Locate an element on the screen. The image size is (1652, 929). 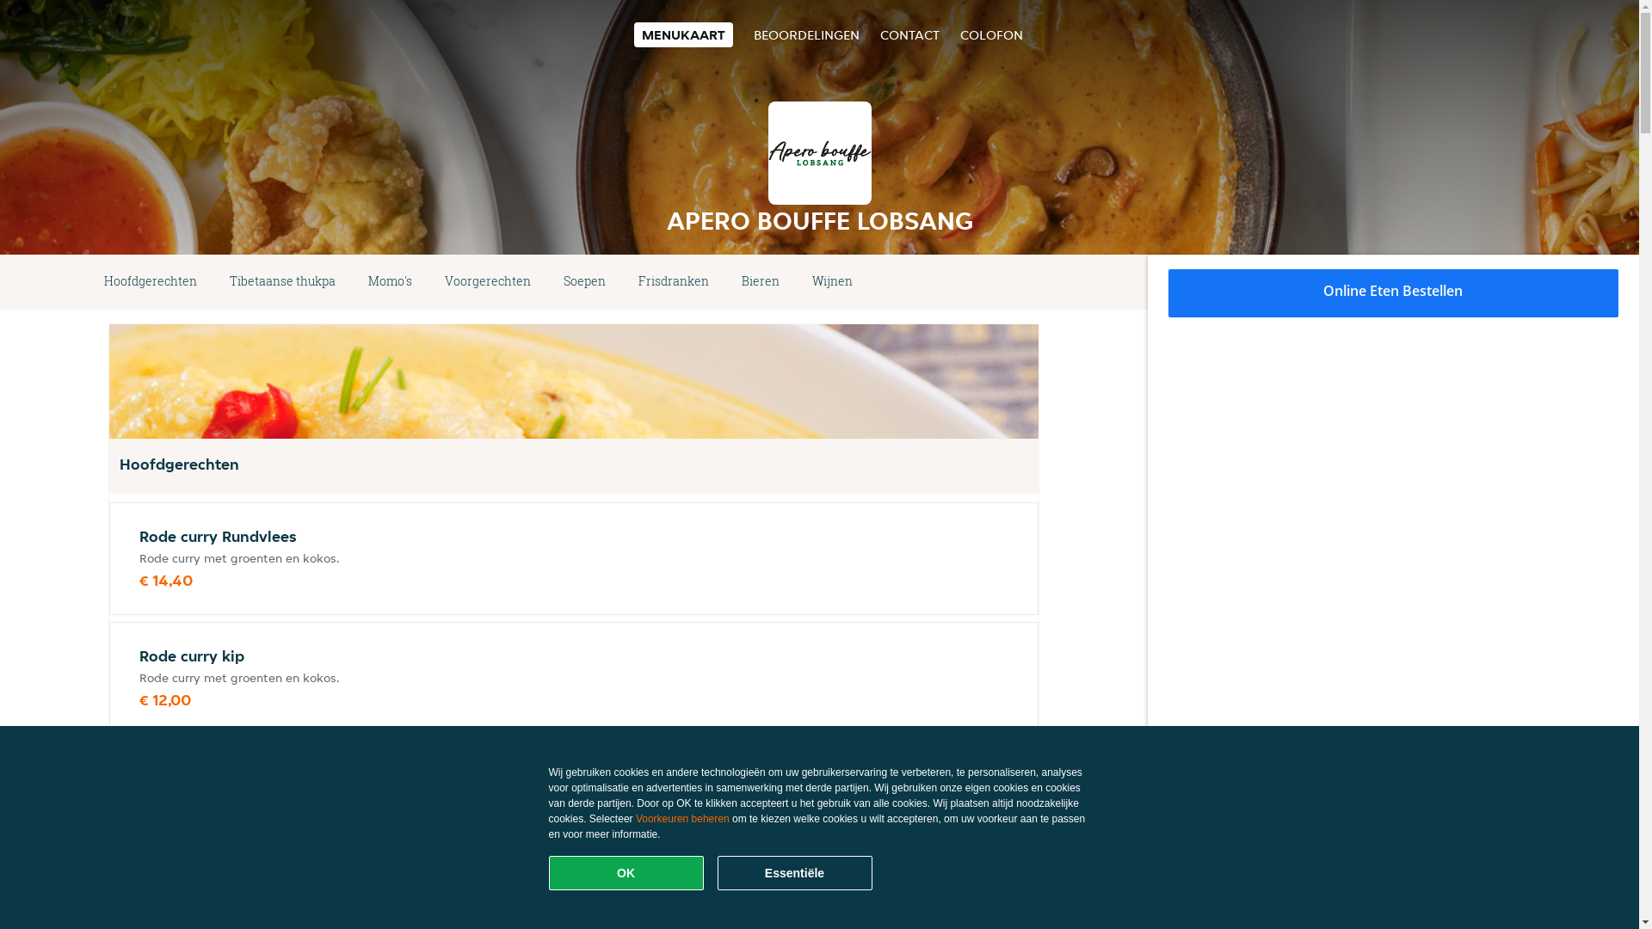
'Frisdranken' is located at coordinates (672, 280).